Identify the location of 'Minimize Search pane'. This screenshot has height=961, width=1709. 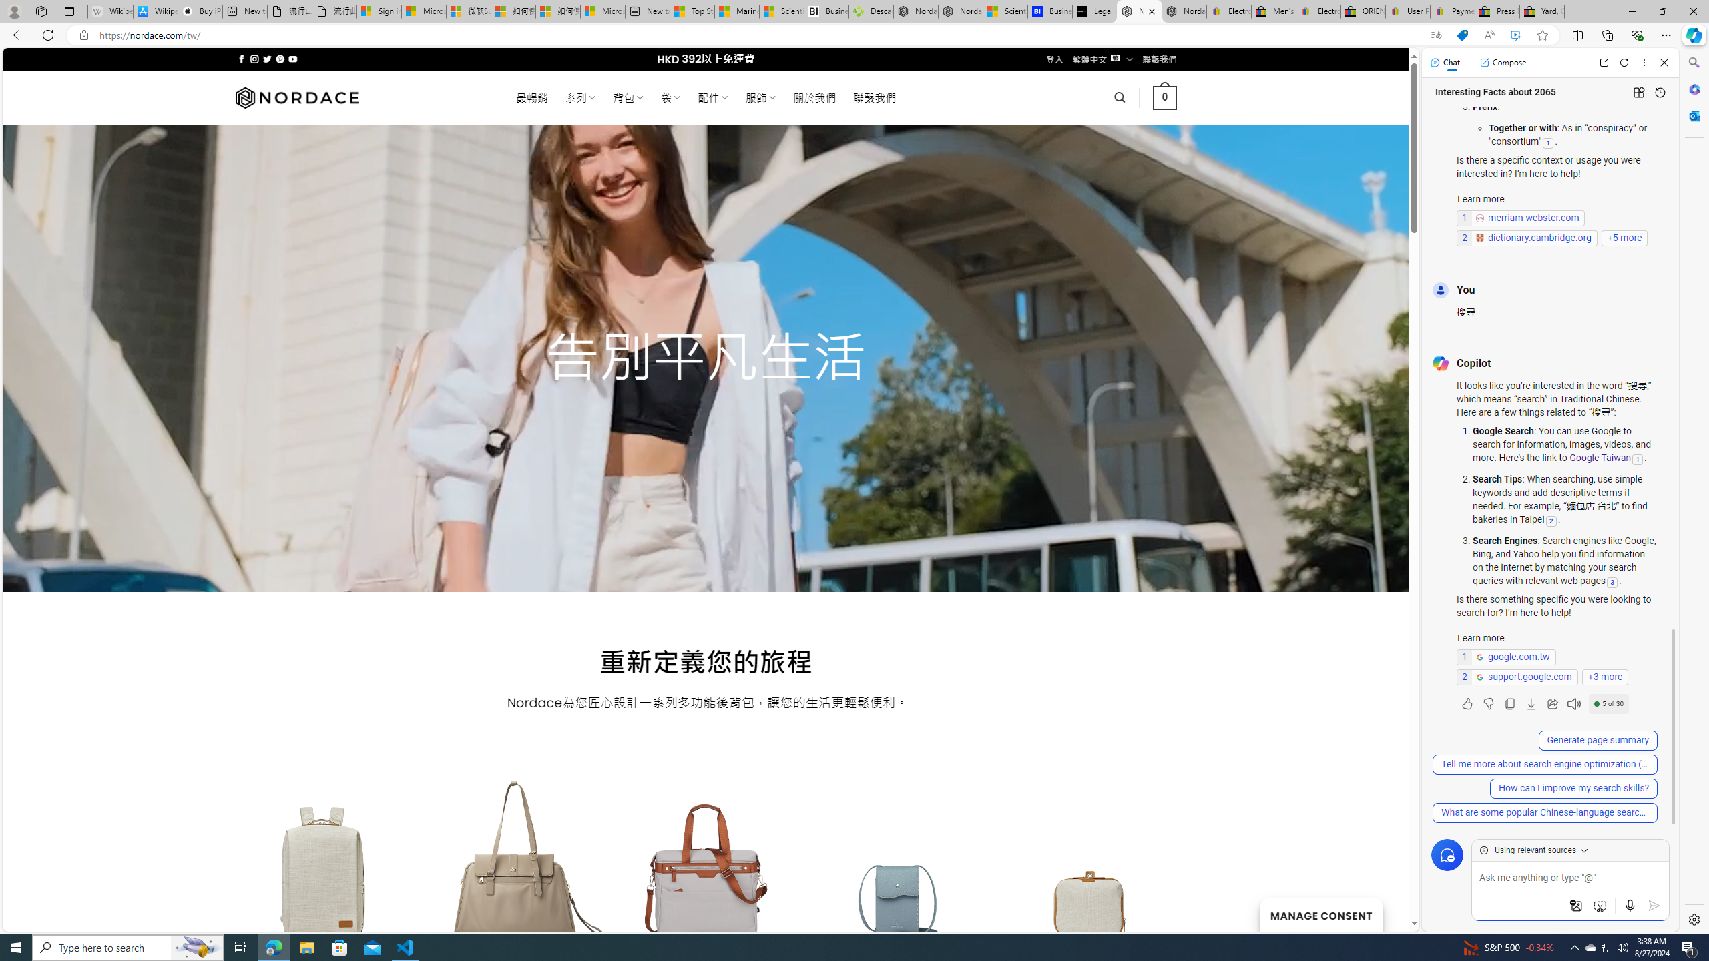
(1692, 62).